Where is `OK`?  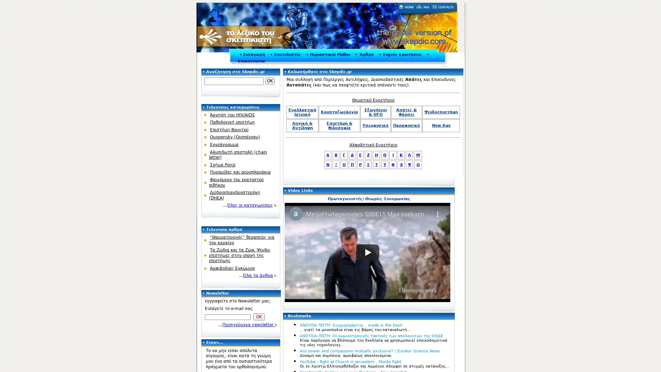 OK is located at coordinates (270, 81).